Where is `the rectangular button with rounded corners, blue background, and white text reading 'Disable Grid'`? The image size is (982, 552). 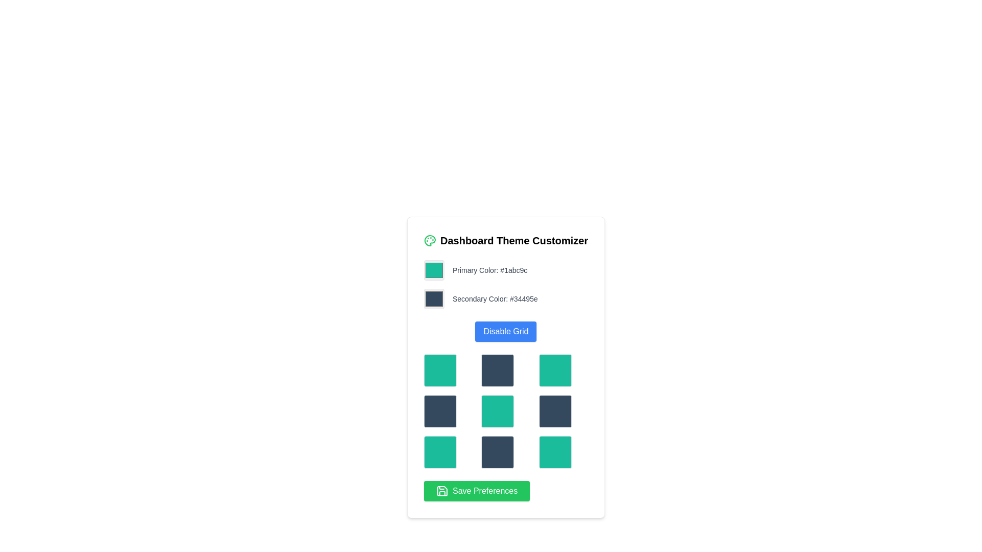 the rectangular button with rounded corners, blue background, and white text reading 'Disable Grid' is located at coordinates (506, 331).